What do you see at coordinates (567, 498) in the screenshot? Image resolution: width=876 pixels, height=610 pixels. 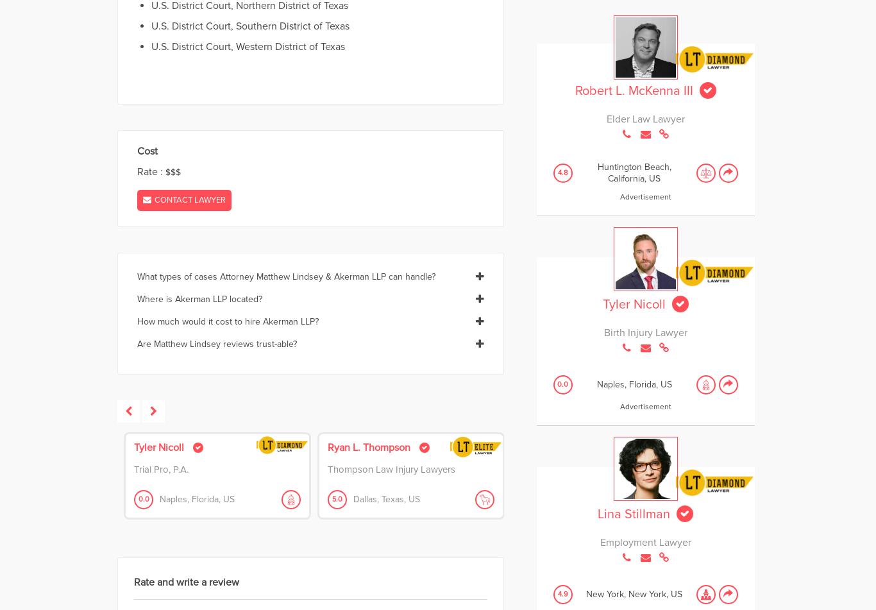 I see `'Riverside,'` at bounding box center [567, 498].